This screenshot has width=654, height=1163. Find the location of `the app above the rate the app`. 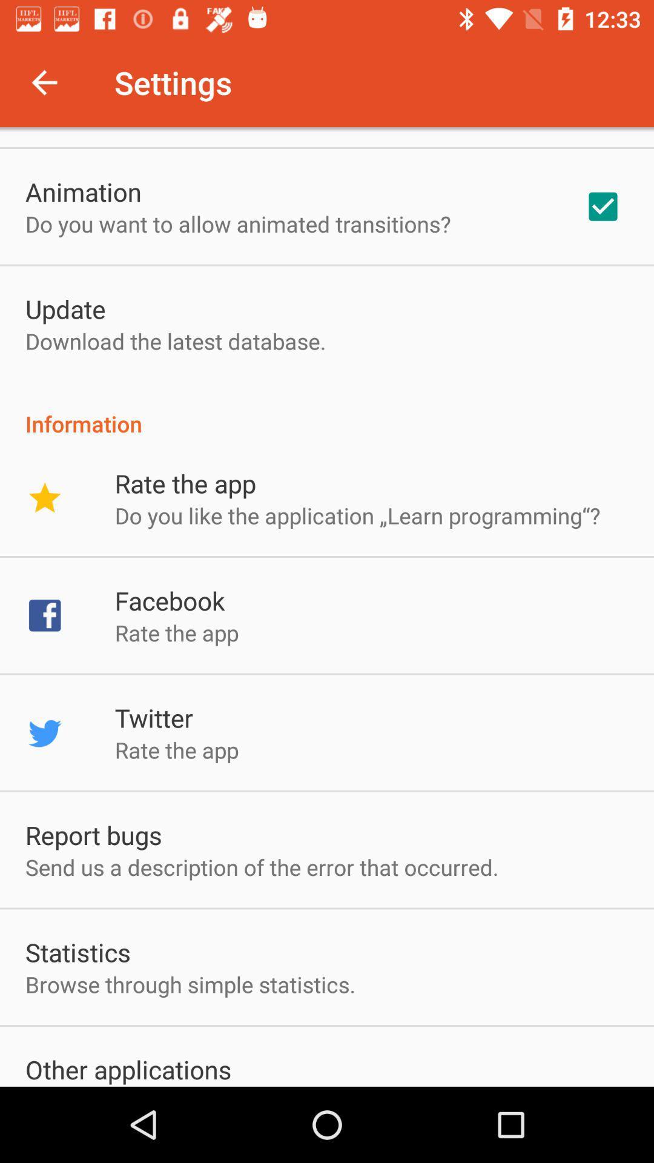

the app above the rate the app is located at coordinates (327, 411).